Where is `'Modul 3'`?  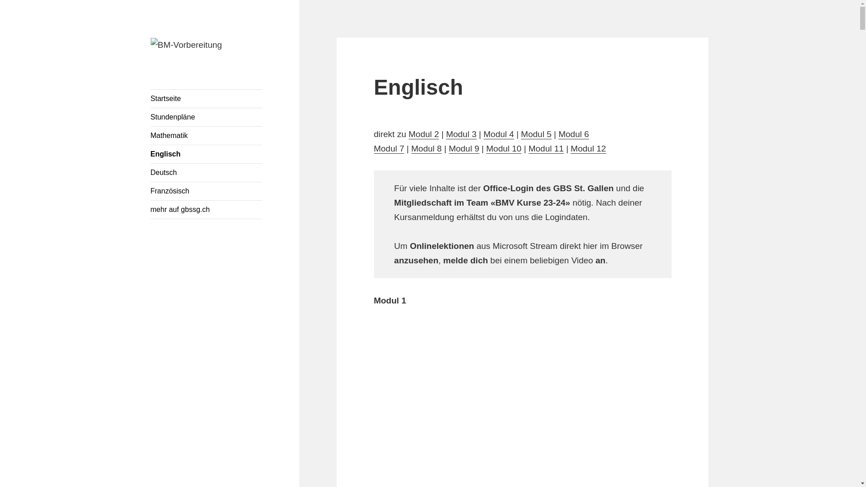
'Modul 3' is located at coordinates (461, 134).